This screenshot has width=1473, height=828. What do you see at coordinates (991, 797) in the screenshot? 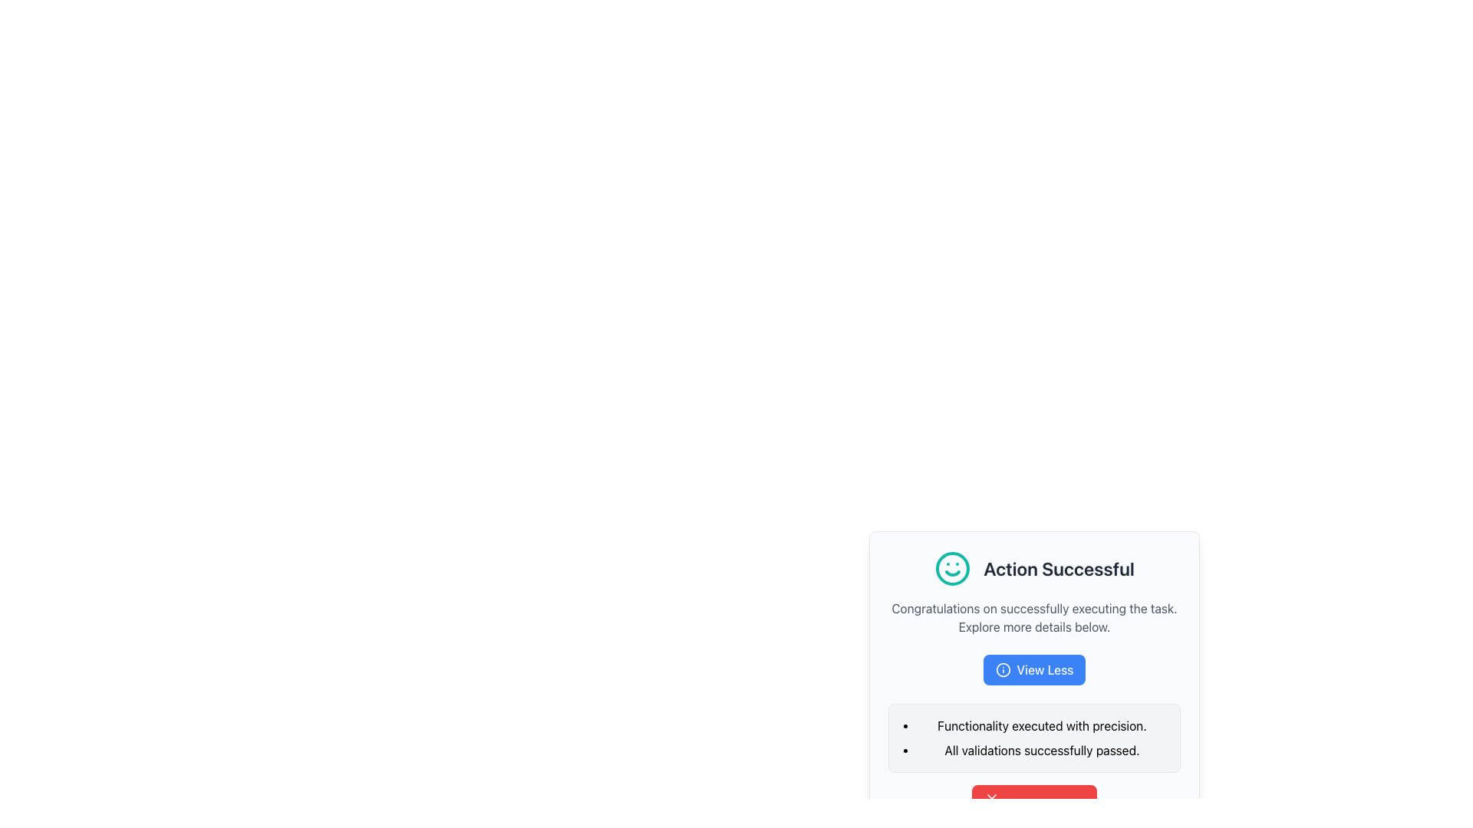
I see `the cross icon located in the bottom right corner of the modal dialog that indicates 'Action Successful'` at bounding box center [991, 797].